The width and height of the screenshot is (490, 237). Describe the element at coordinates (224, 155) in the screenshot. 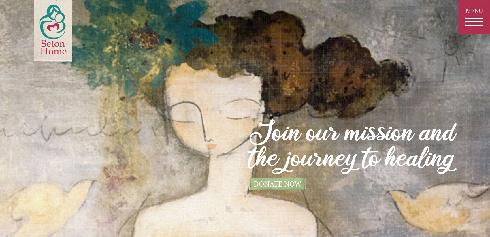

I see `'volunteer'` at that location.